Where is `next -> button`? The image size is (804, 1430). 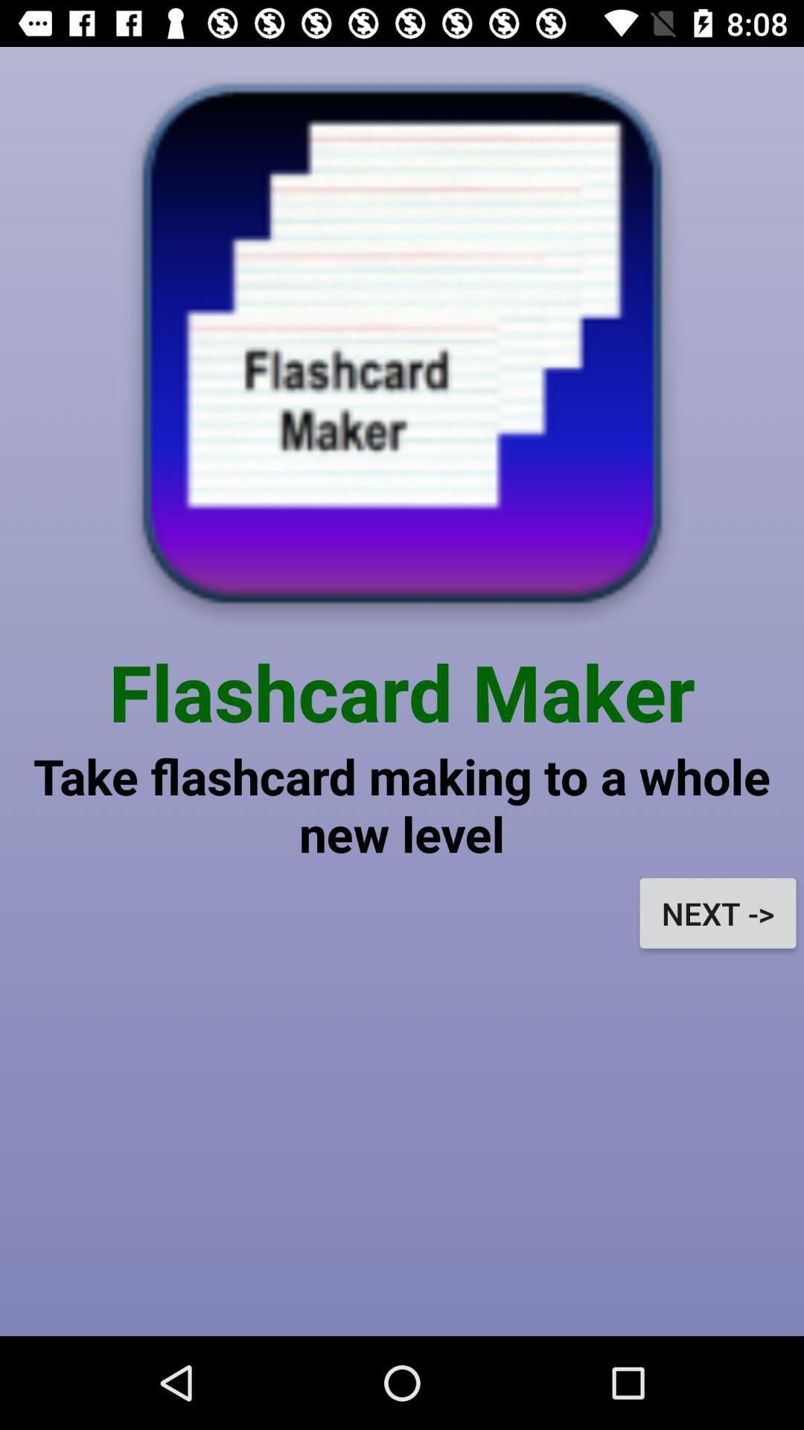
next -> button is located at coordinates (717, 912).